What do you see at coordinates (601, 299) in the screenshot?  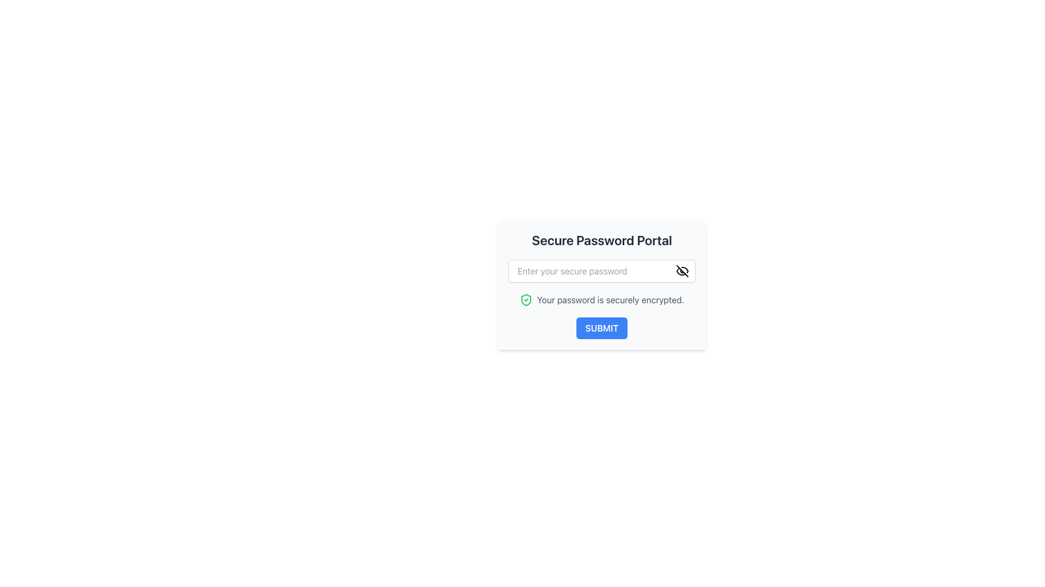 I see `the Text with icon that indicates 'Your password is securely encrypted.' located in the third row of the form, below the 'Enter your secure password' input field` at bounding box center [601, 299].